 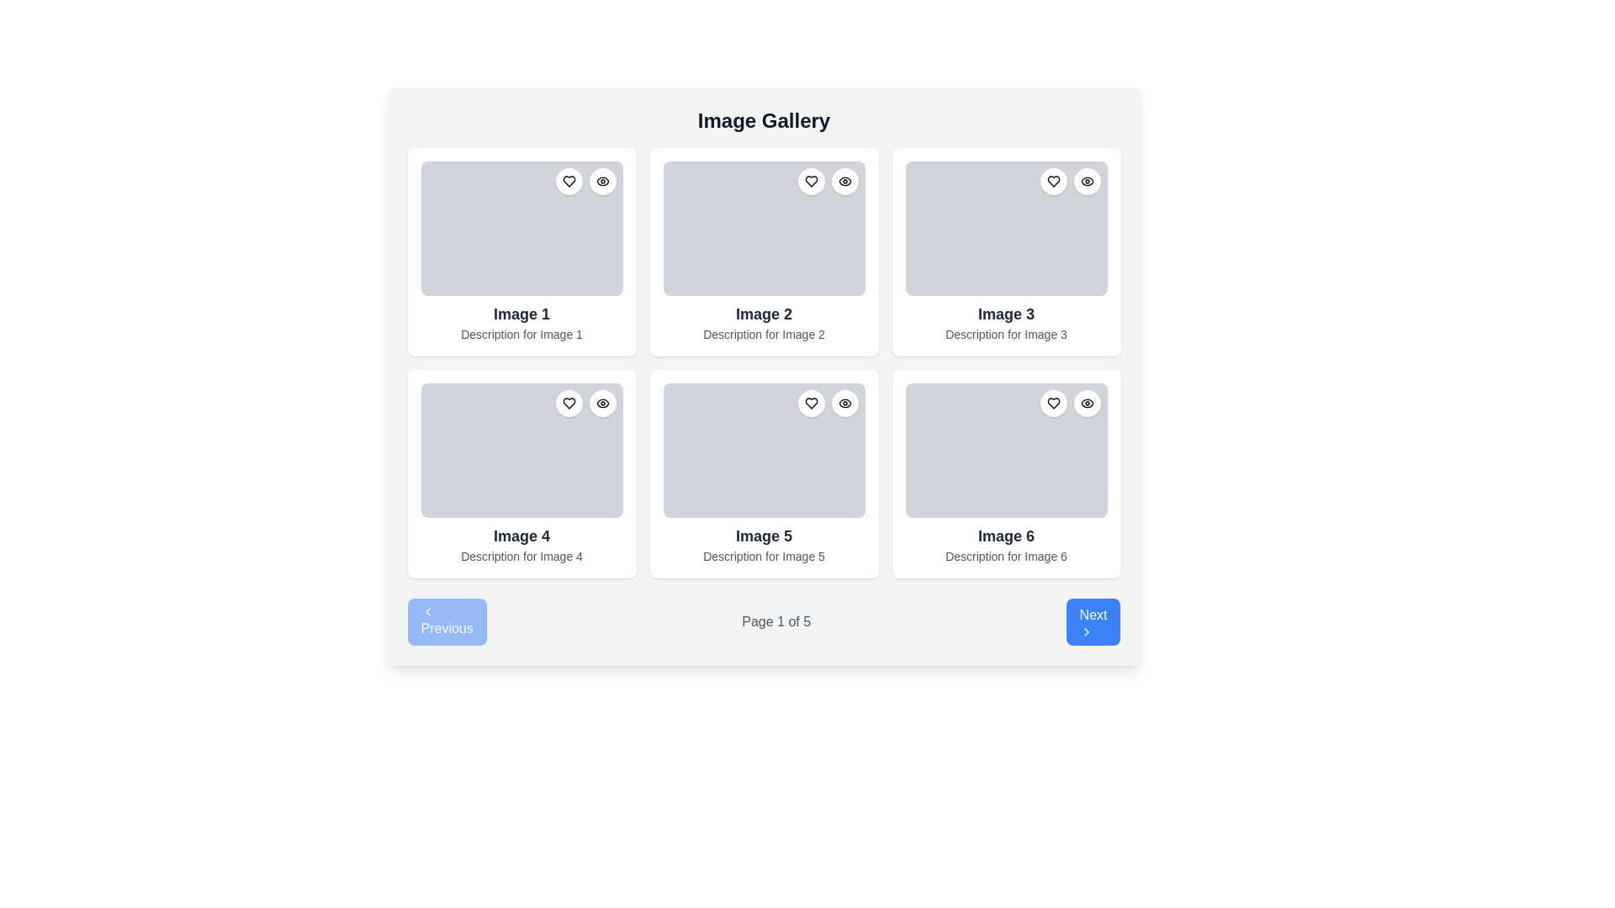 I want to click on the eye icon in the top-right corner of the box representing 'Image 6', so click(x=1087, y=403).